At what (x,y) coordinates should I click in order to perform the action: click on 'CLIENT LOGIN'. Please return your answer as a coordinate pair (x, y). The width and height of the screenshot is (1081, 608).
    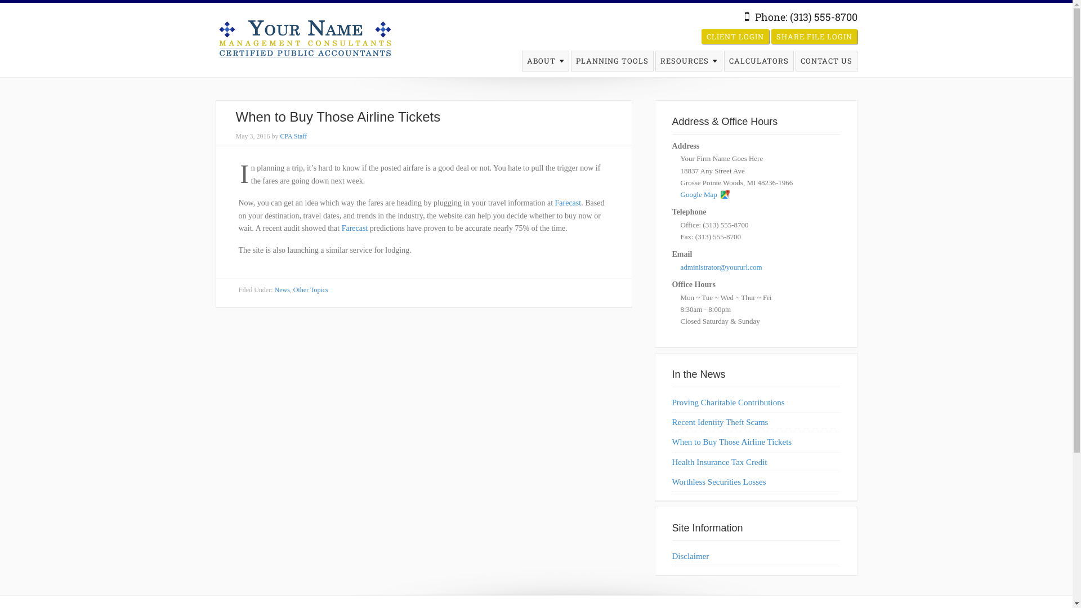
    Looking at the image, I should click on (735, 36).